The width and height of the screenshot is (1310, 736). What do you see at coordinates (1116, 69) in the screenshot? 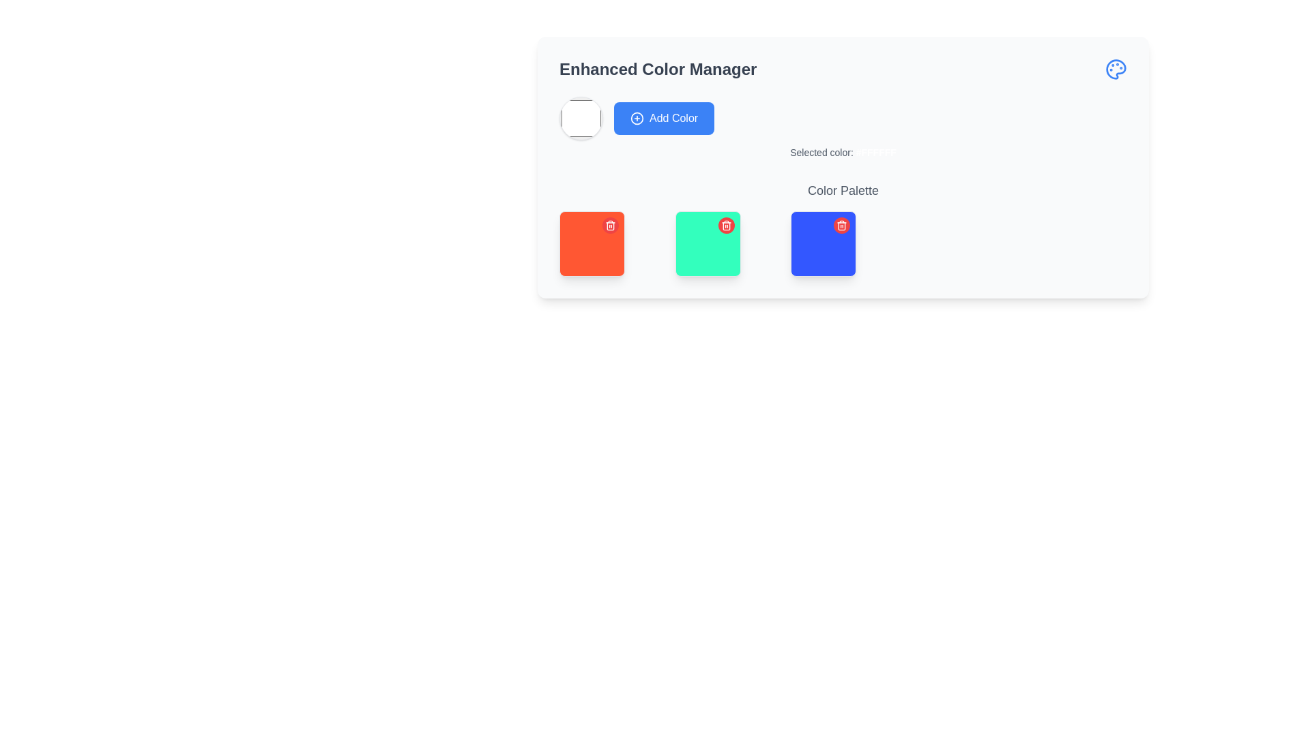
I see `the palette icon located in the top right corner of the 'Enhanced Color Manager' section for additional settings` at bounding box center [1116, 69].